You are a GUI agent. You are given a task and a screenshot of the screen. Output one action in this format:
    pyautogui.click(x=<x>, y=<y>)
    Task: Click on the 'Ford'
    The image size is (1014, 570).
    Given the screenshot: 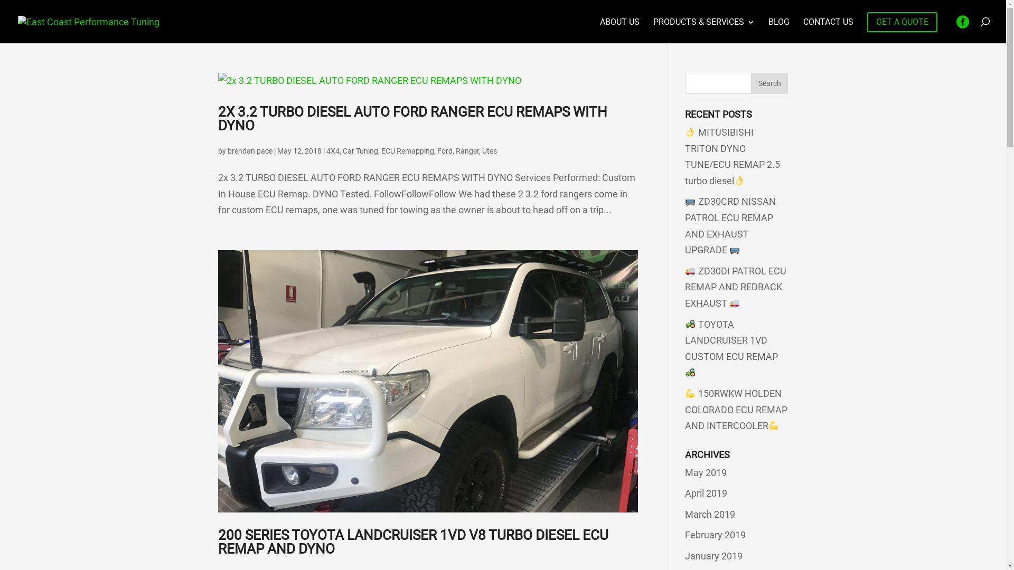 What is the action you would take?
    pyautogui.click(x=445, y=150)
    